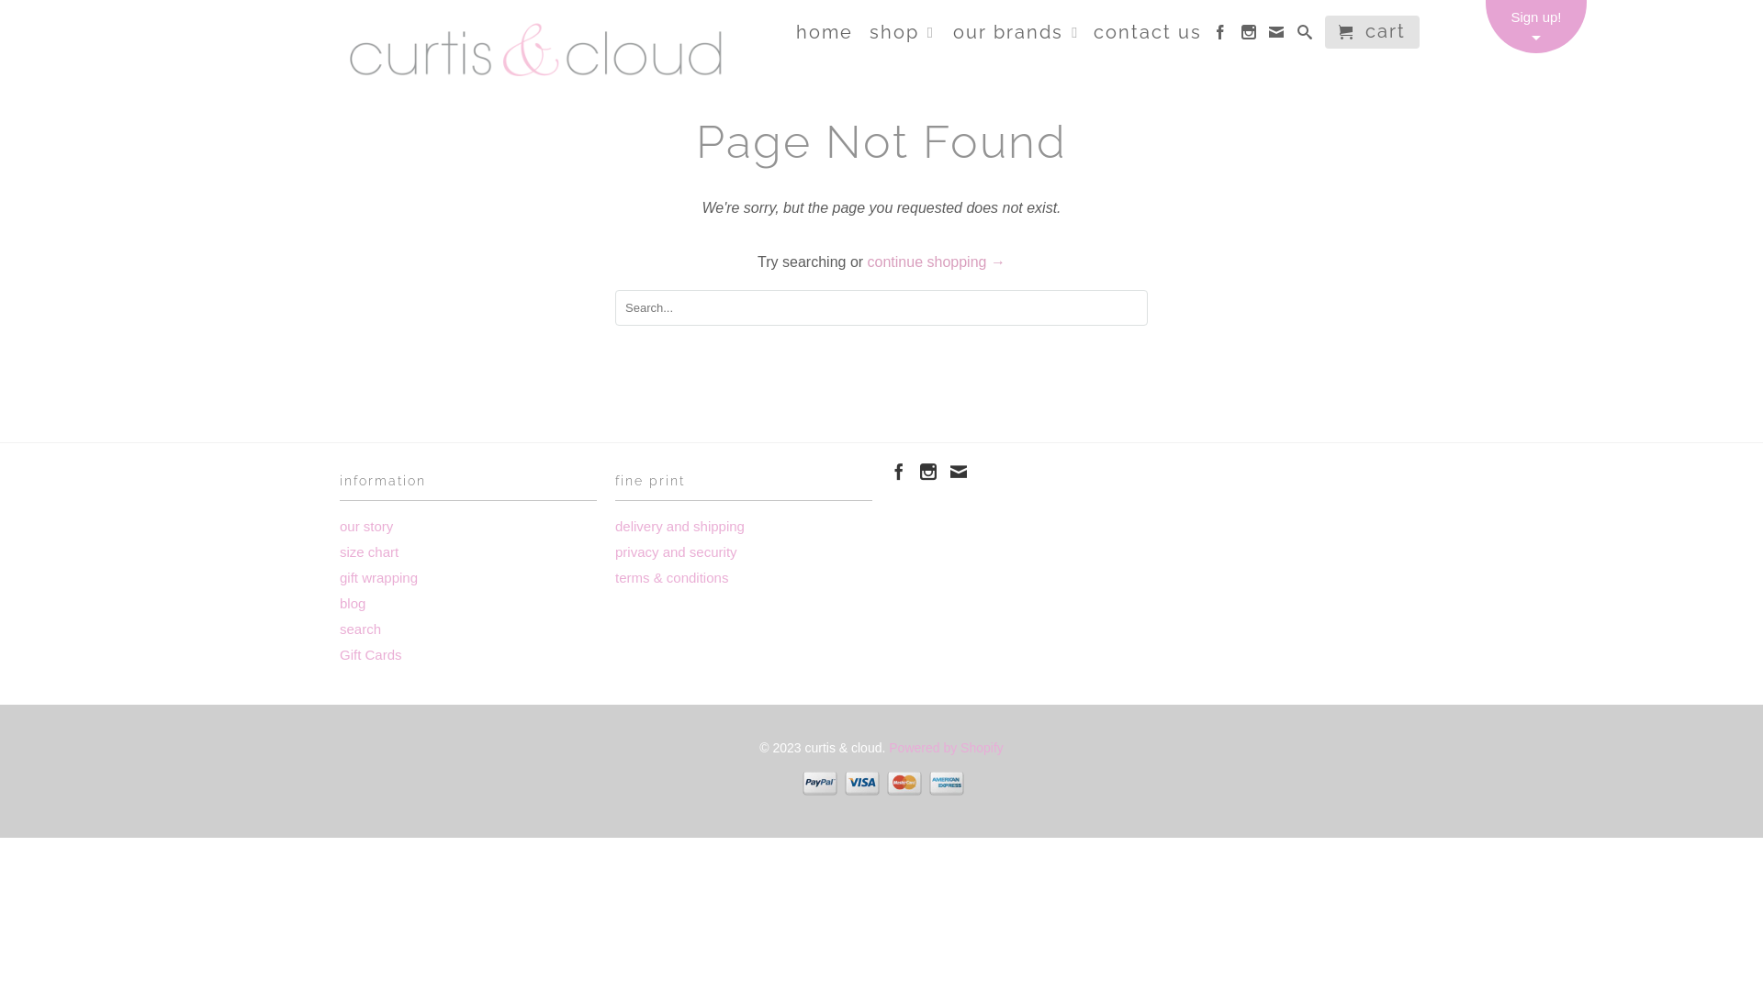  What do you see at coordinates (823, 35) in the screenshot?
I see `'home'` at bounding box center [823, 35].